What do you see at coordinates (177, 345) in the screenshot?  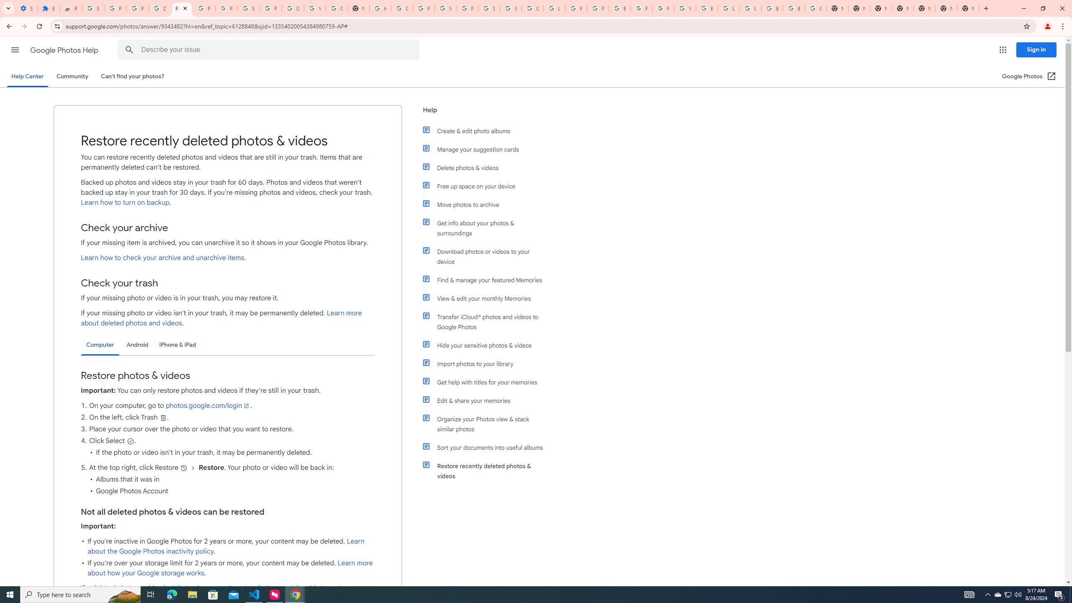 I see `'iPhone & iPad'` at bounding box center [177, 345].